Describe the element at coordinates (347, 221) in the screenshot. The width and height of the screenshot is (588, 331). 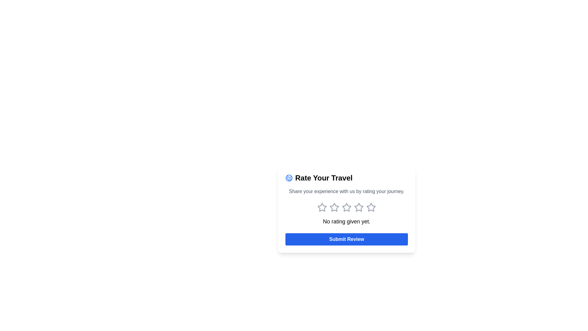
I see `the text label stating 'No rating given yet.' which is located below the star icons and above the 'Submit Review' button within the 'Rate Your Travel' card` at that location.